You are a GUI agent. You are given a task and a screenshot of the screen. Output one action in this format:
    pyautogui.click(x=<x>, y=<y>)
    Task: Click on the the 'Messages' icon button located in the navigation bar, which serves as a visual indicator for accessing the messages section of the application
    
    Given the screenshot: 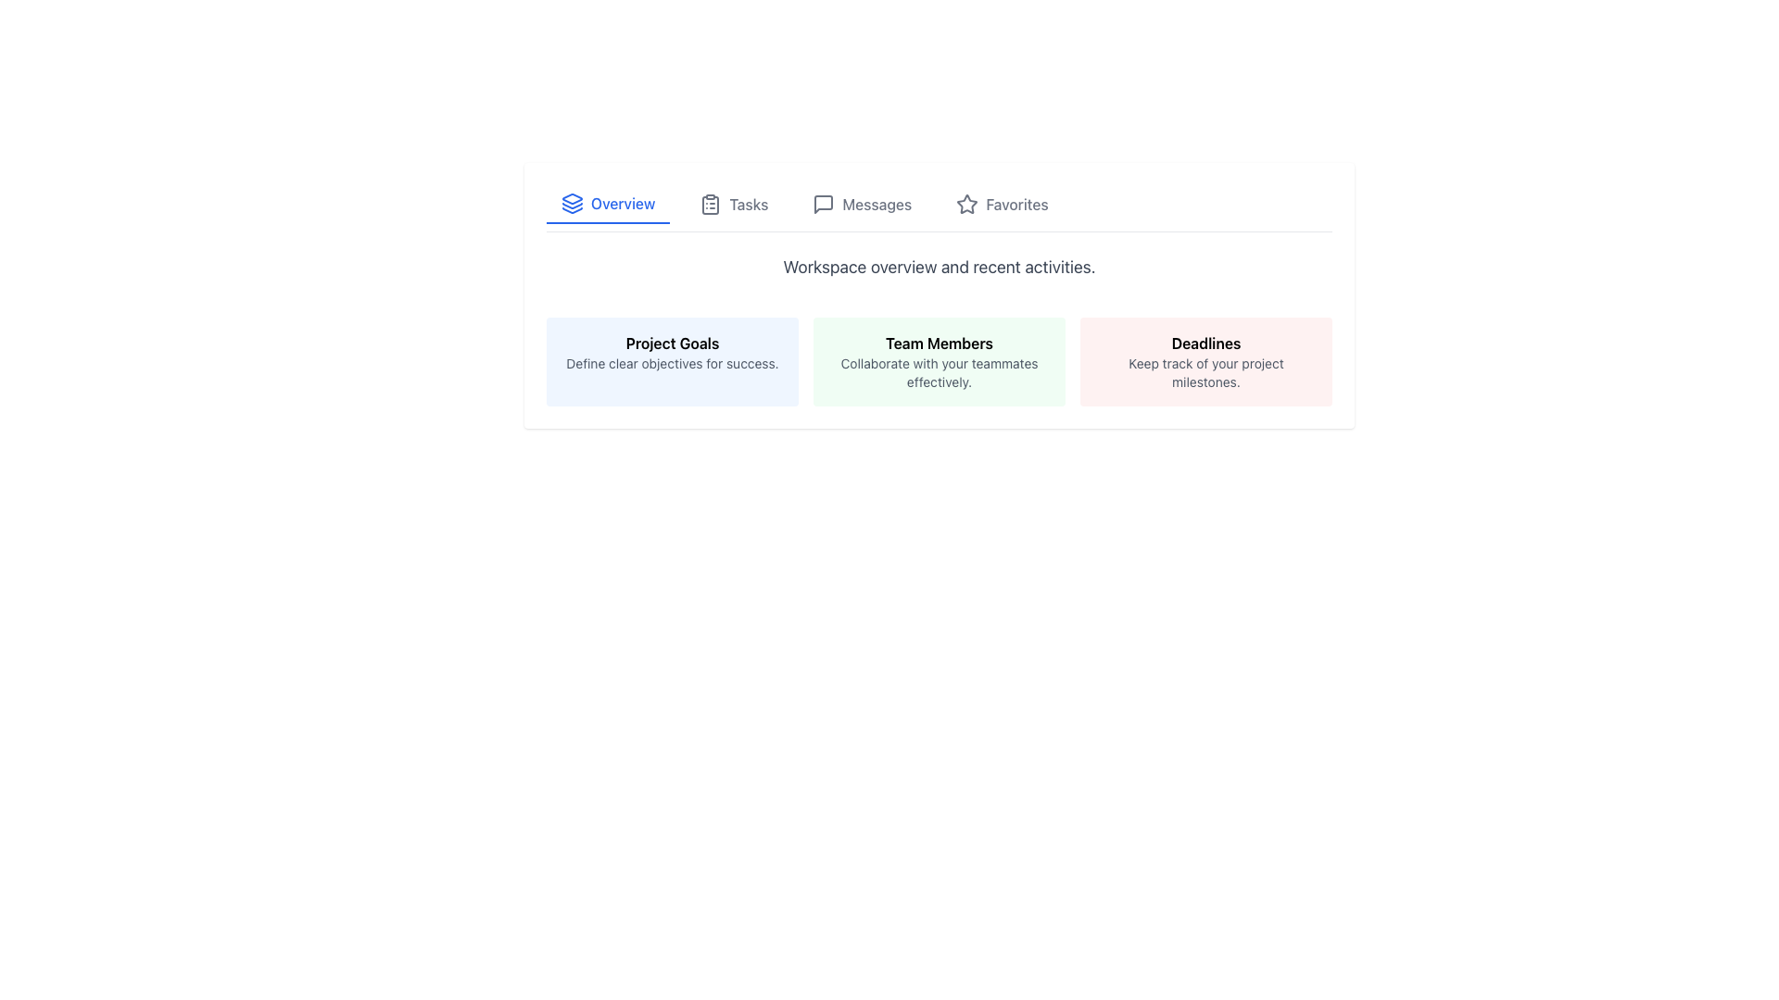 What is the action you would take?
    pyautogui.click(x=823, y=204)
    